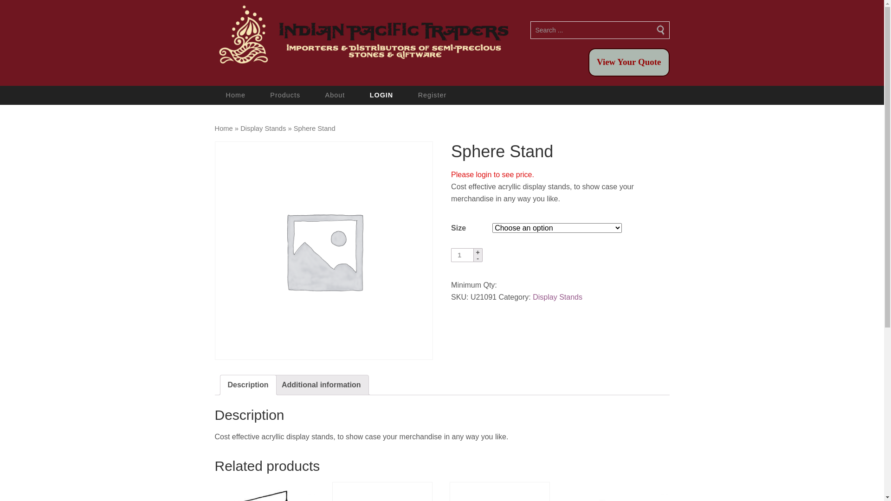  What do you see at coordinates (463, 255) in the screenshot?
I see `'Qty'` at bounding box center [463, 255].